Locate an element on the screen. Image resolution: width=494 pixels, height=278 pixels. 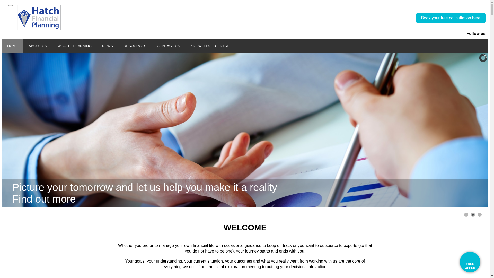
'KNOWLEDGE CENTRE' is located at coordinates (210, 45).